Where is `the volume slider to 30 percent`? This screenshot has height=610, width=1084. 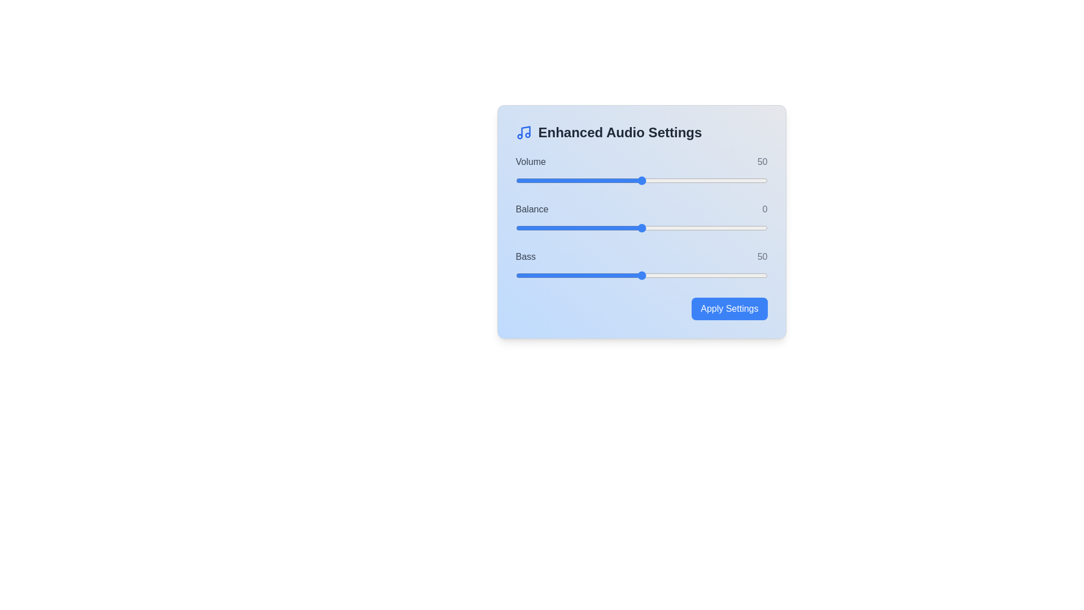
the volume slider to 30 percent is located at coordinates (591, 180).